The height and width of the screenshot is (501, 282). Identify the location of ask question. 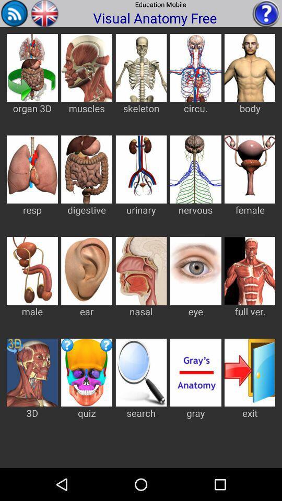
(266, 13).